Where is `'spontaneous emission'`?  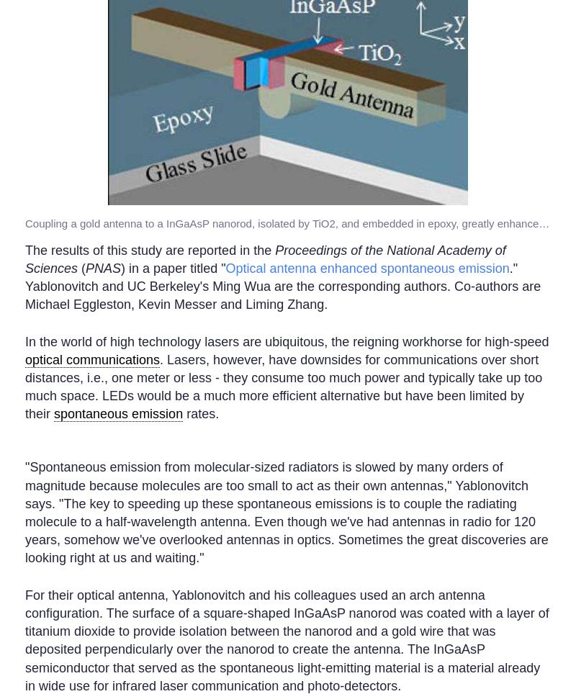 'spontaneous emission' is located at coordinates (118, 413).